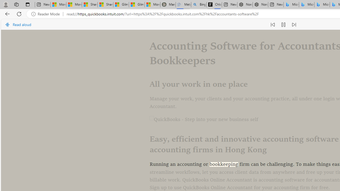  What do you see at coordinates (307, 5) in the screenshot?
I see `'Microsoft Bing Travel - Stays in Bangkok, Bangkok, Thailand'` at bounding box center [307, 5].